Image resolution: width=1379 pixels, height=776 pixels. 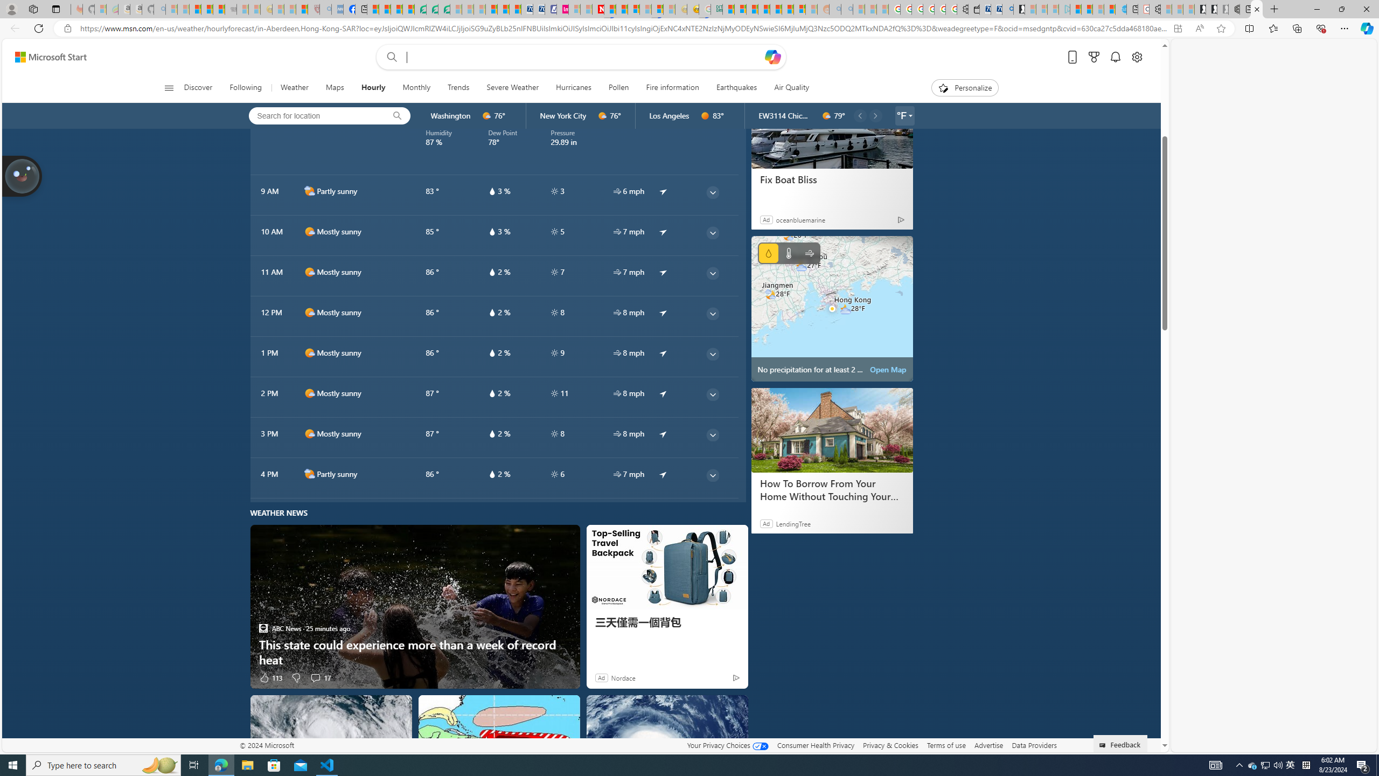 I want to click on 'Fire information', so click(x=672, y=87).